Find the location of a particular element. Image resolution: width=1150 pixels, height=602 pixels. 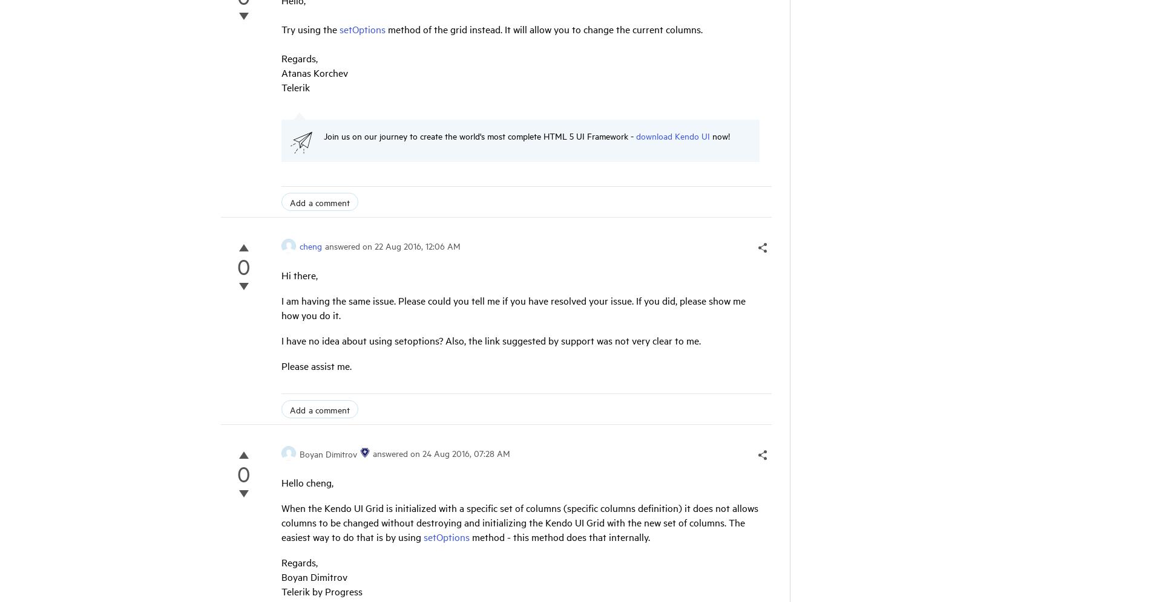

'now!' is located at coordinates (719, 135).